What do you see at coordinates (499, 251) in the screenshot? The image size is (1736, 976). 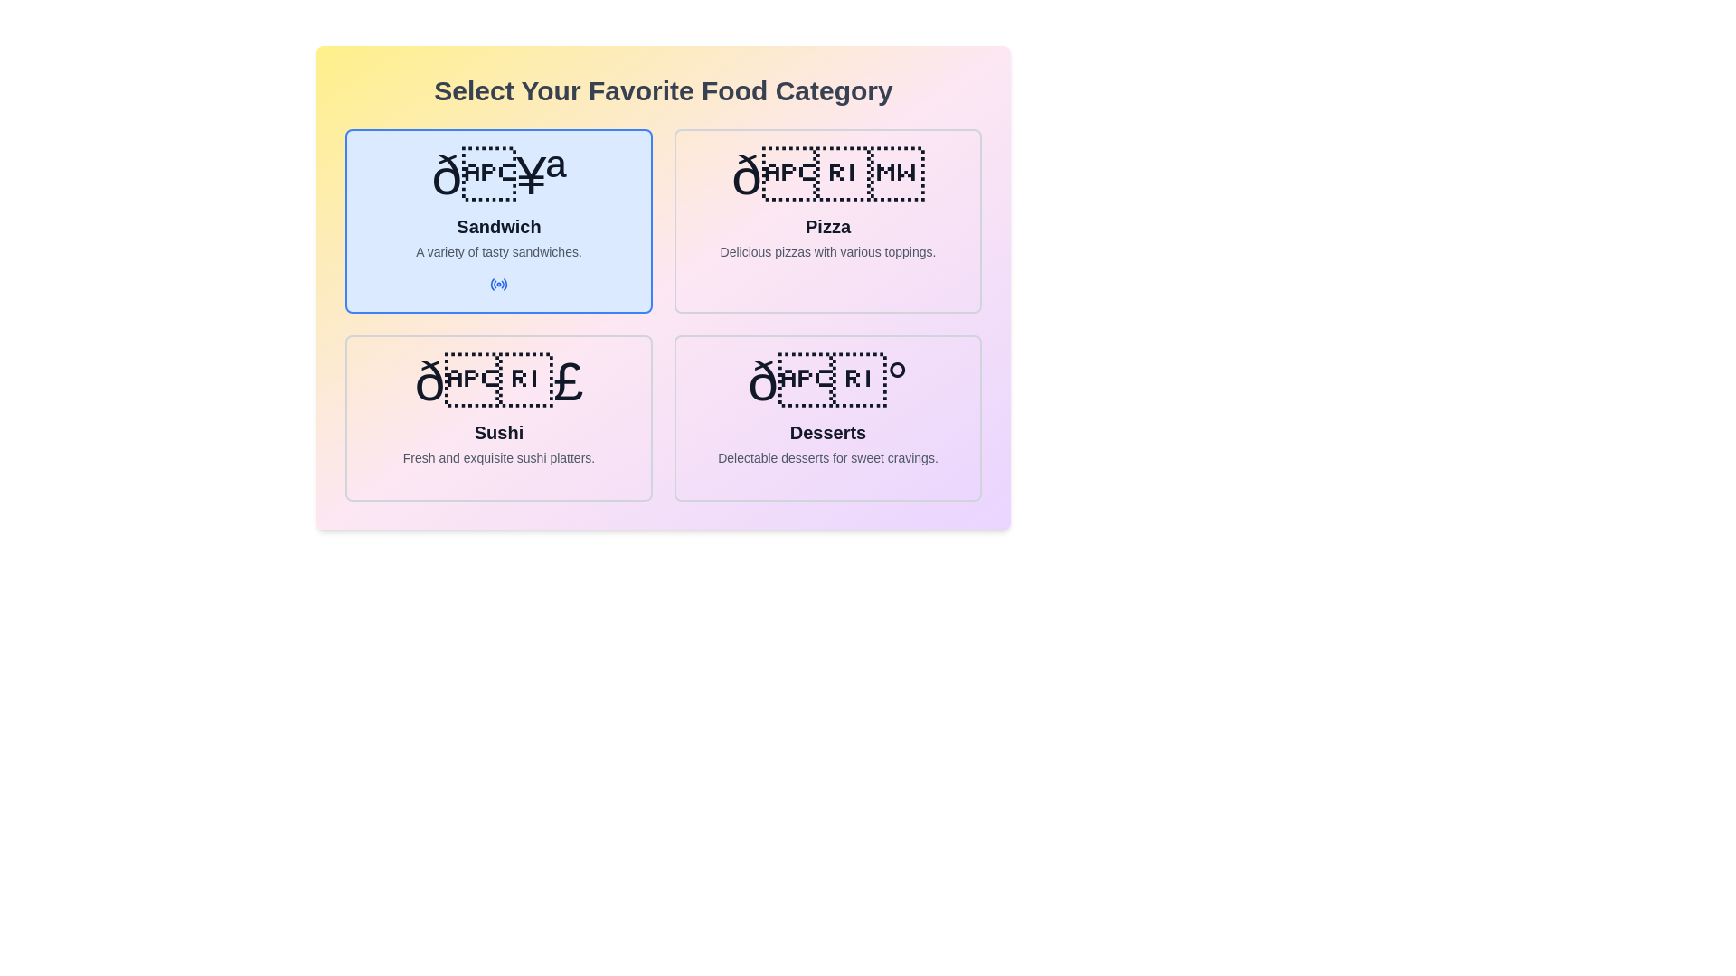 I see `the descriptive text label located below the 'Sandwich' category in the top-left card of the grid interface` at bounding box center [499, 251].